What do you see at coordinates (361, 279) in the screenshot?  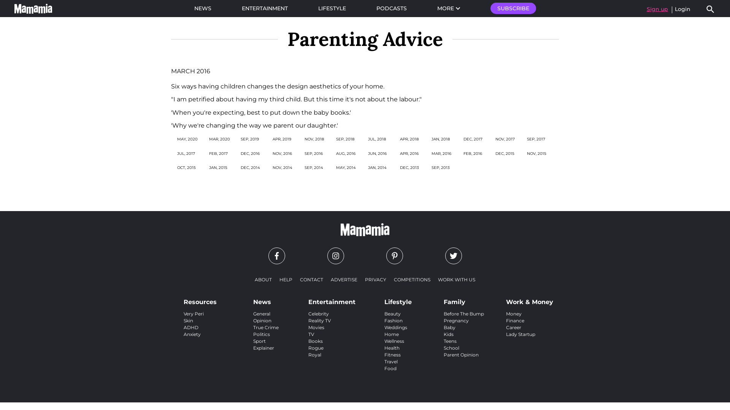 I see `'PRIVACY'` at bounding box center [361, 279].